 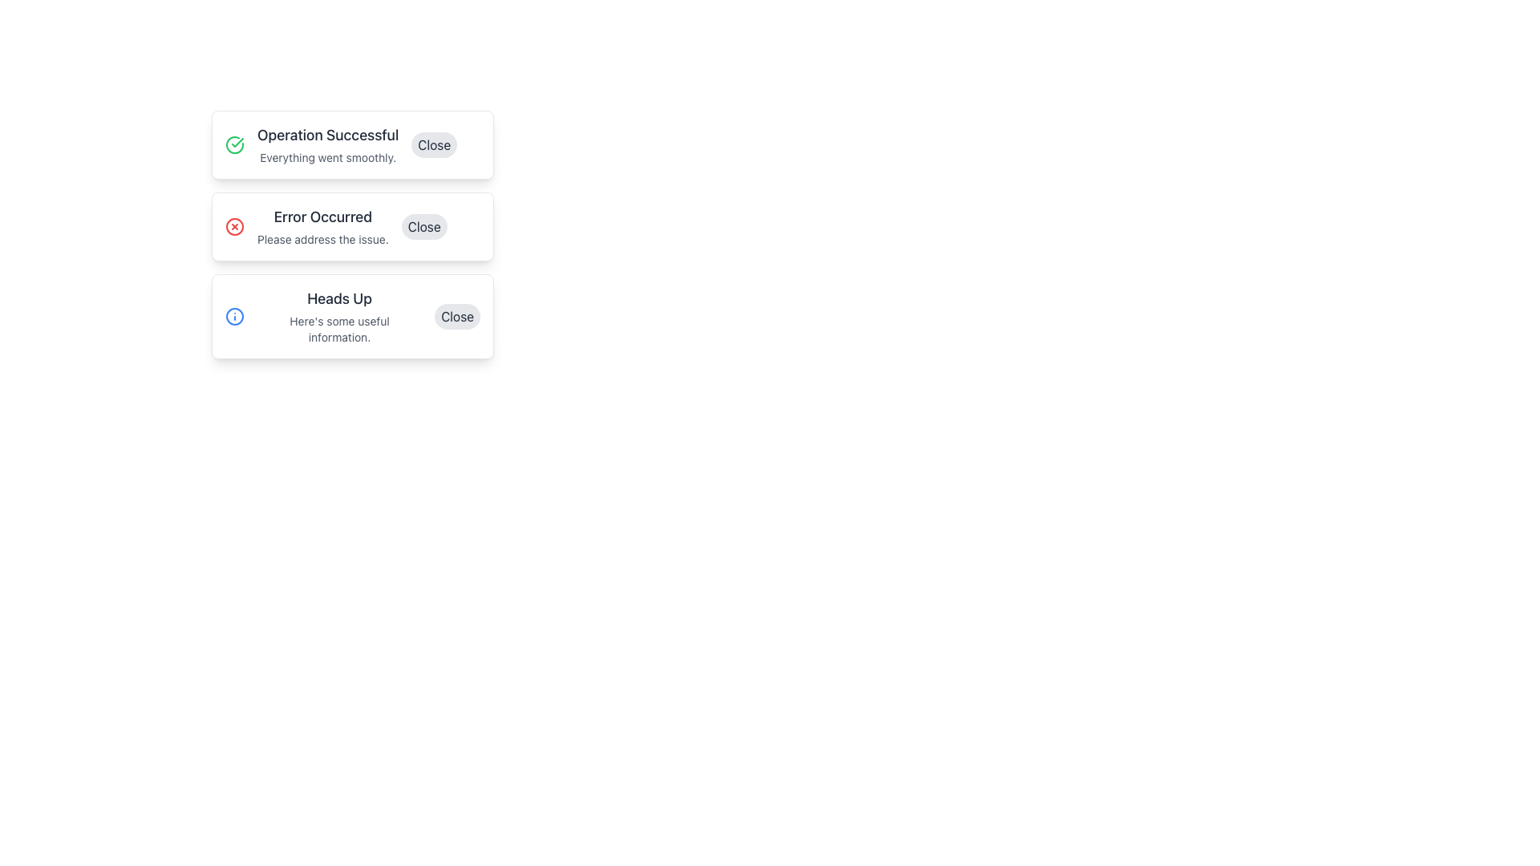 I want to click on the error or warning indicator icon located to the left of the text content in the middle notification card of the stacked error notification cards, so click(x=233, y=226).